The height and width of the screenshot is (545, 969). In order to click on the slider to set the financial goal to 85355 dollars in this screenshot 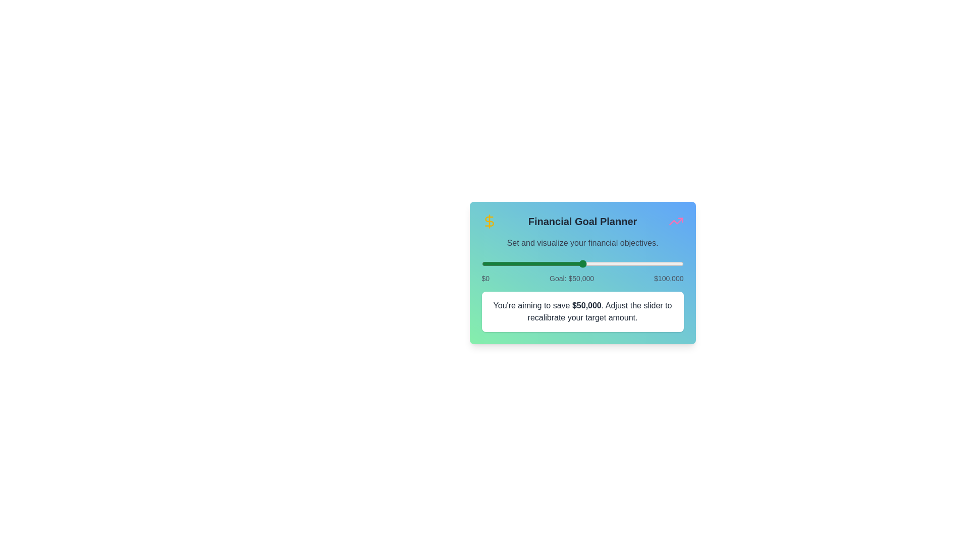, I will do `click(654, 263)`.